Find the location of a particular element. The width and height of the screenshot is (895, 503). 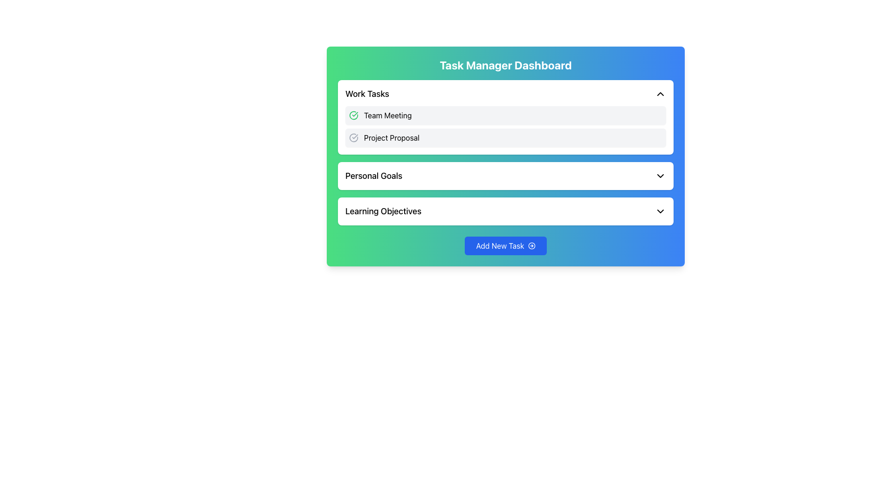

the Chevron Icon located on the far right of the 'Work Tasks' header is located at coordinates (660, 94).